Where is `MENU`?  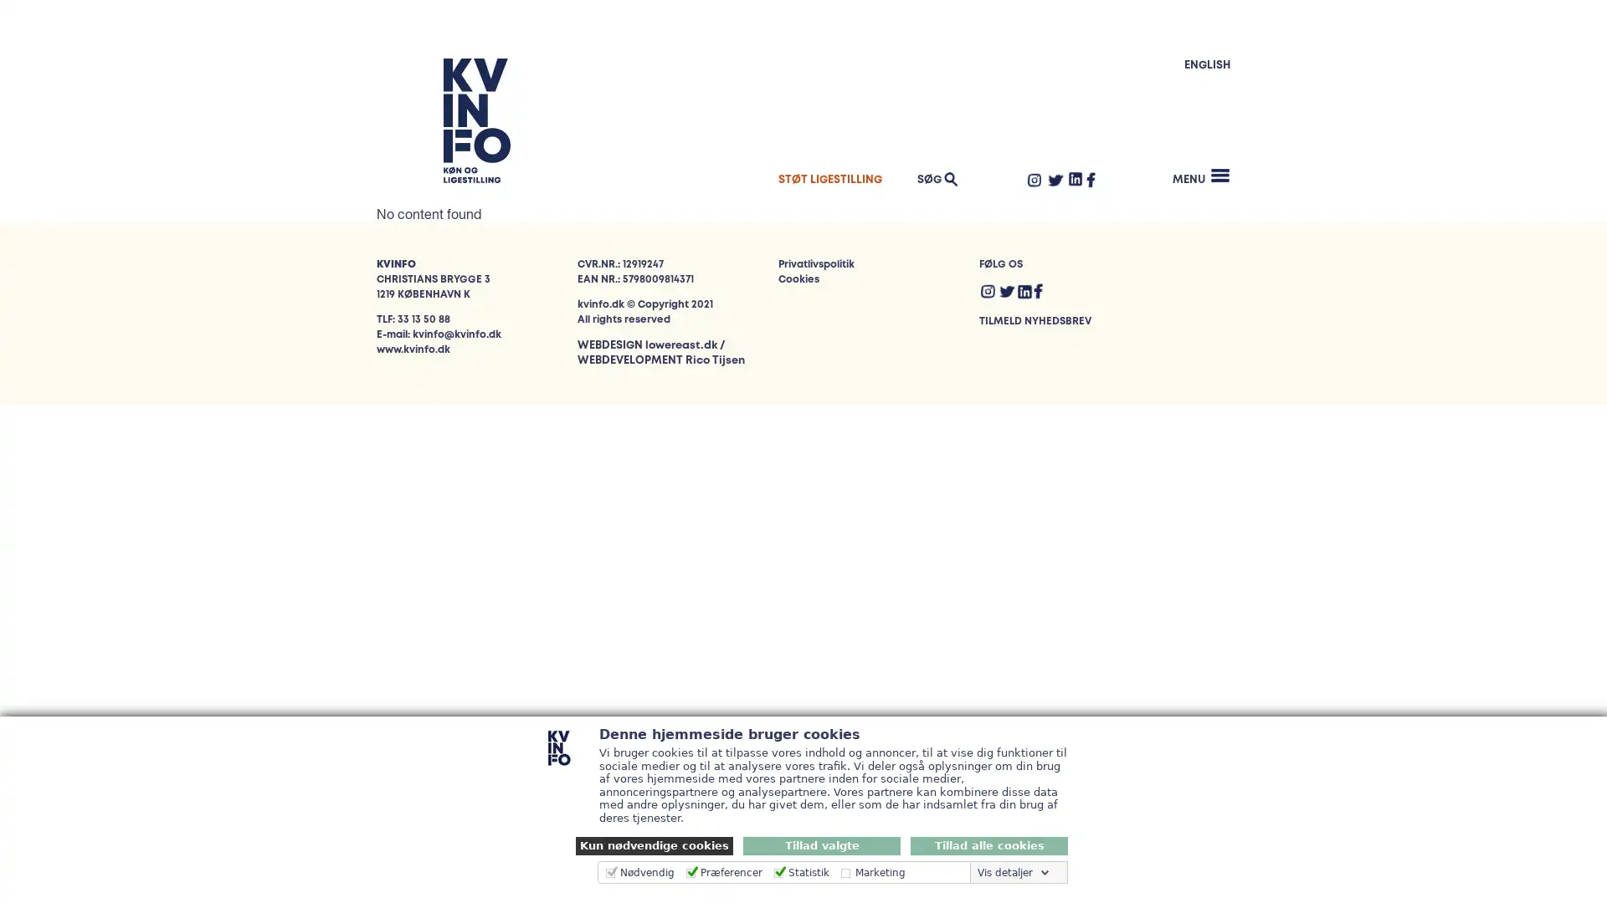
MENU is located at coordinates (1200, 176).